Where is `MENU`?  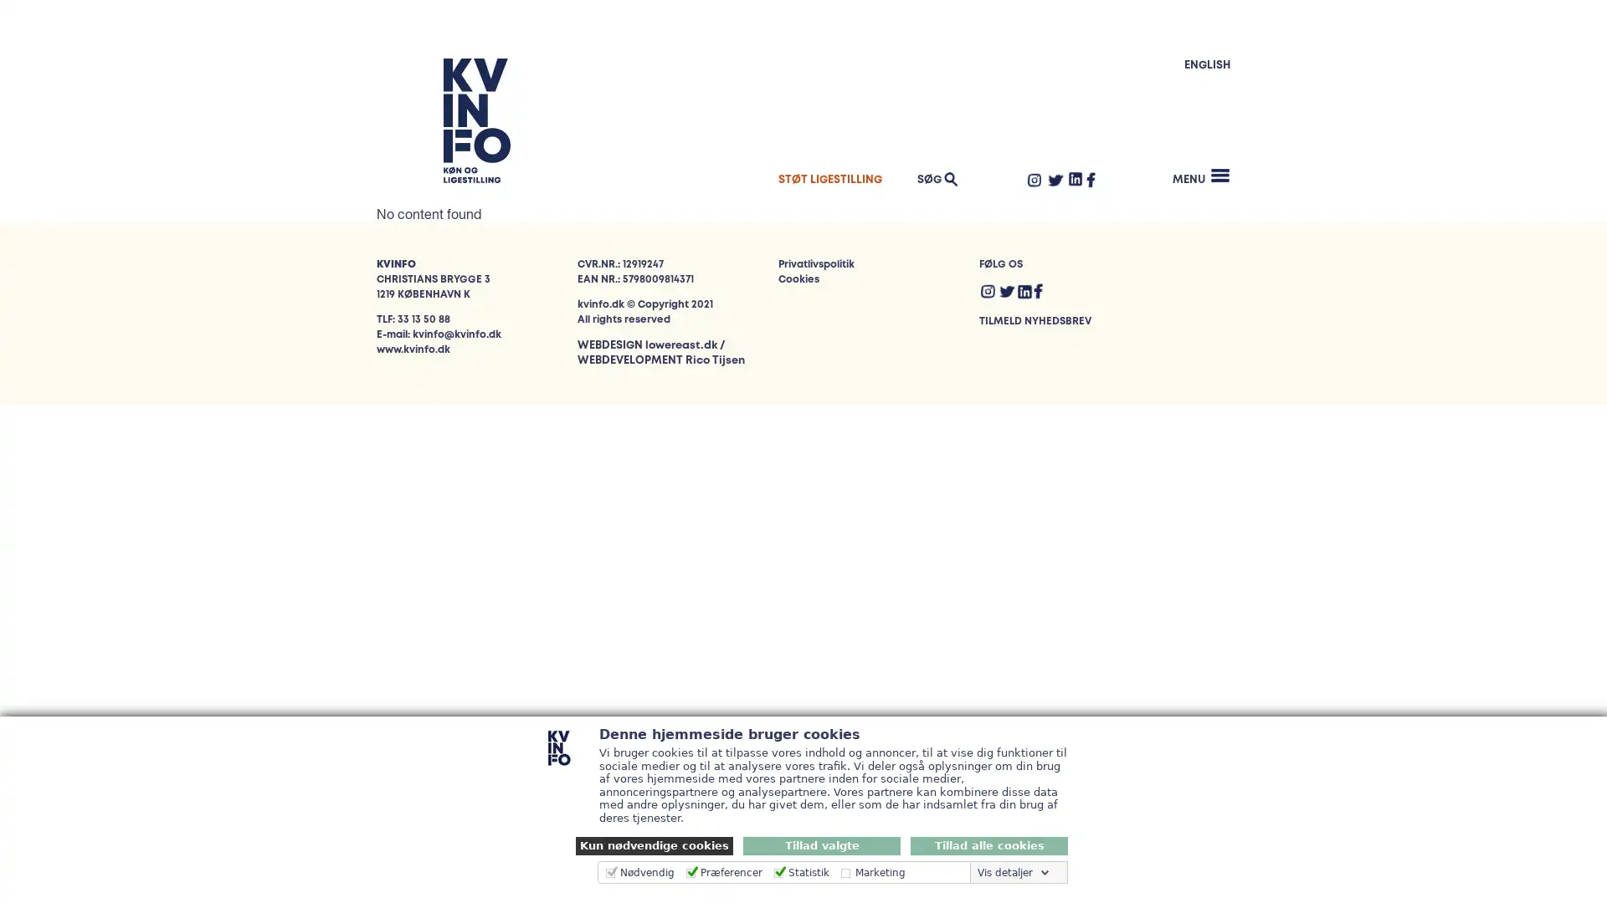
MENU is located at coordinates (1200, 176).